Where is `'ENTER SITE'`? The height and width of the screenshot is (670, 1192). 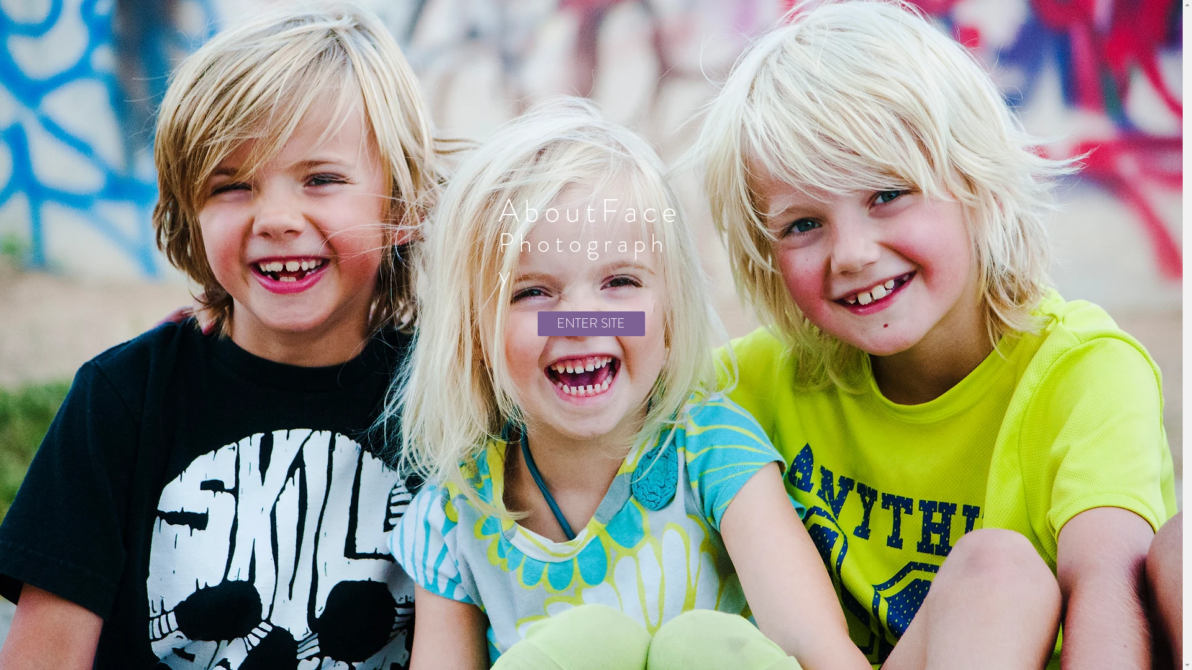 'ENTER SITE' is located at coordinates (590, 323).